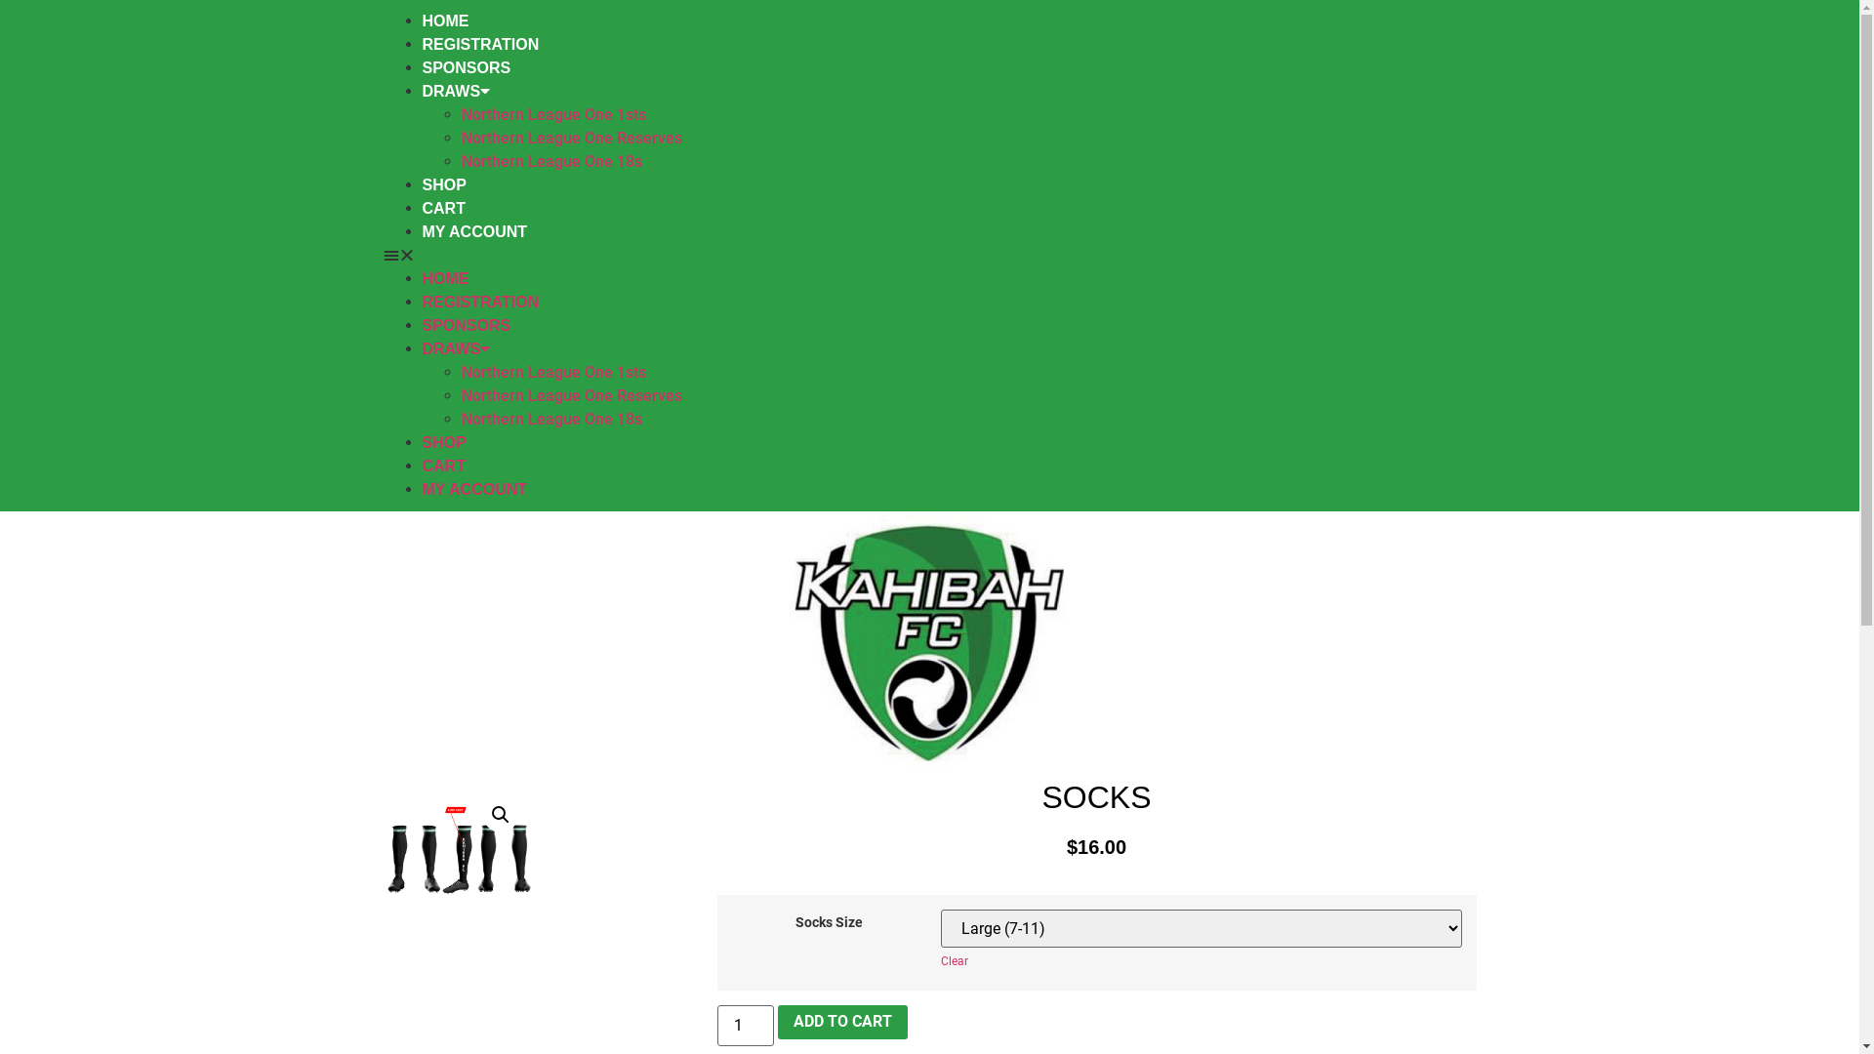 This screenshot has height=1054, width=1874. Describe the element at coordinates (442, 208) in the screenshot. I see `'CART'` at that location.